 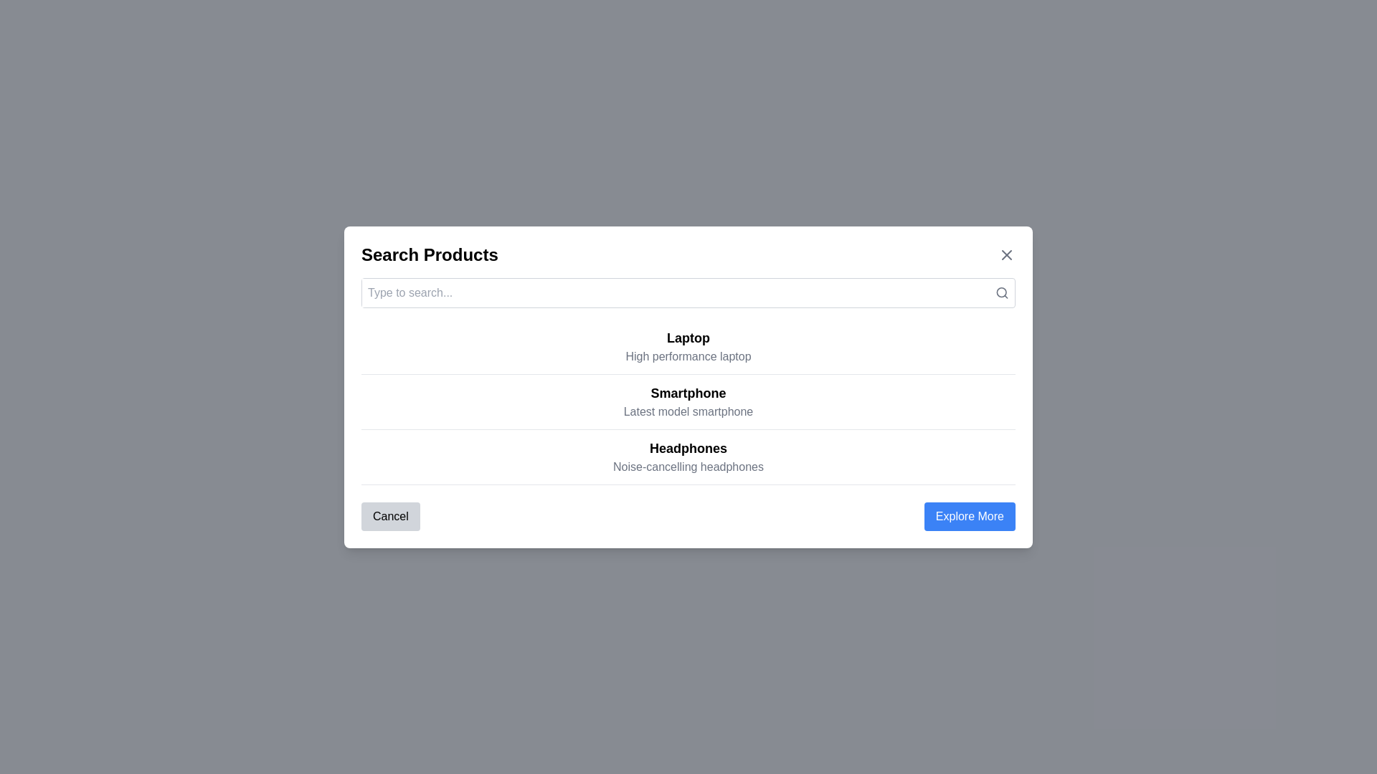 What do you see at coordinates (1005, 254) in the screenshot?
I see `the Close button icon, which is shaped like an 'X' with a thick stroke located in the top-right corner of the modal dialog` at bounding box center [1005, 254].